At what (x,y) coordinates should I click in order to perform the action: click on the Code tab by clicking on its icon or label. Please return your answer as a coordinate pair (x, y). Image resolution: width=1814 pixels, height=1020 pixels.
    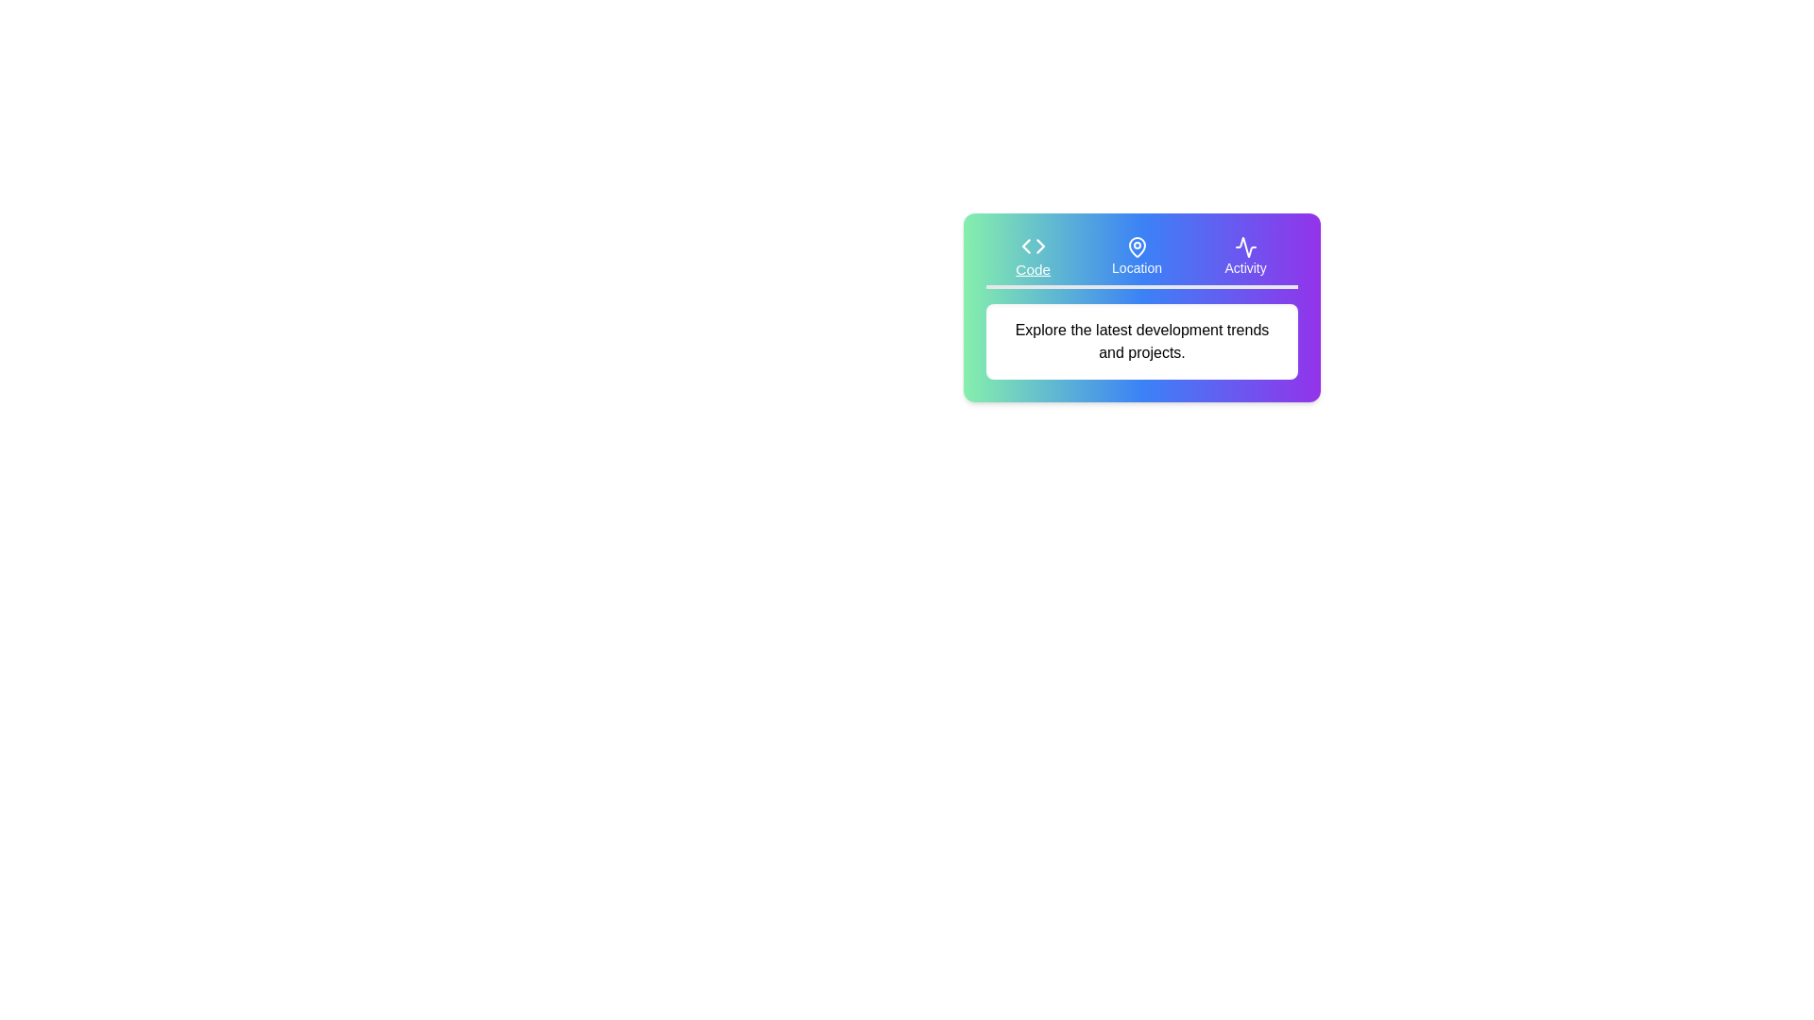
    Looking at the image, I should click on (1033, 257).